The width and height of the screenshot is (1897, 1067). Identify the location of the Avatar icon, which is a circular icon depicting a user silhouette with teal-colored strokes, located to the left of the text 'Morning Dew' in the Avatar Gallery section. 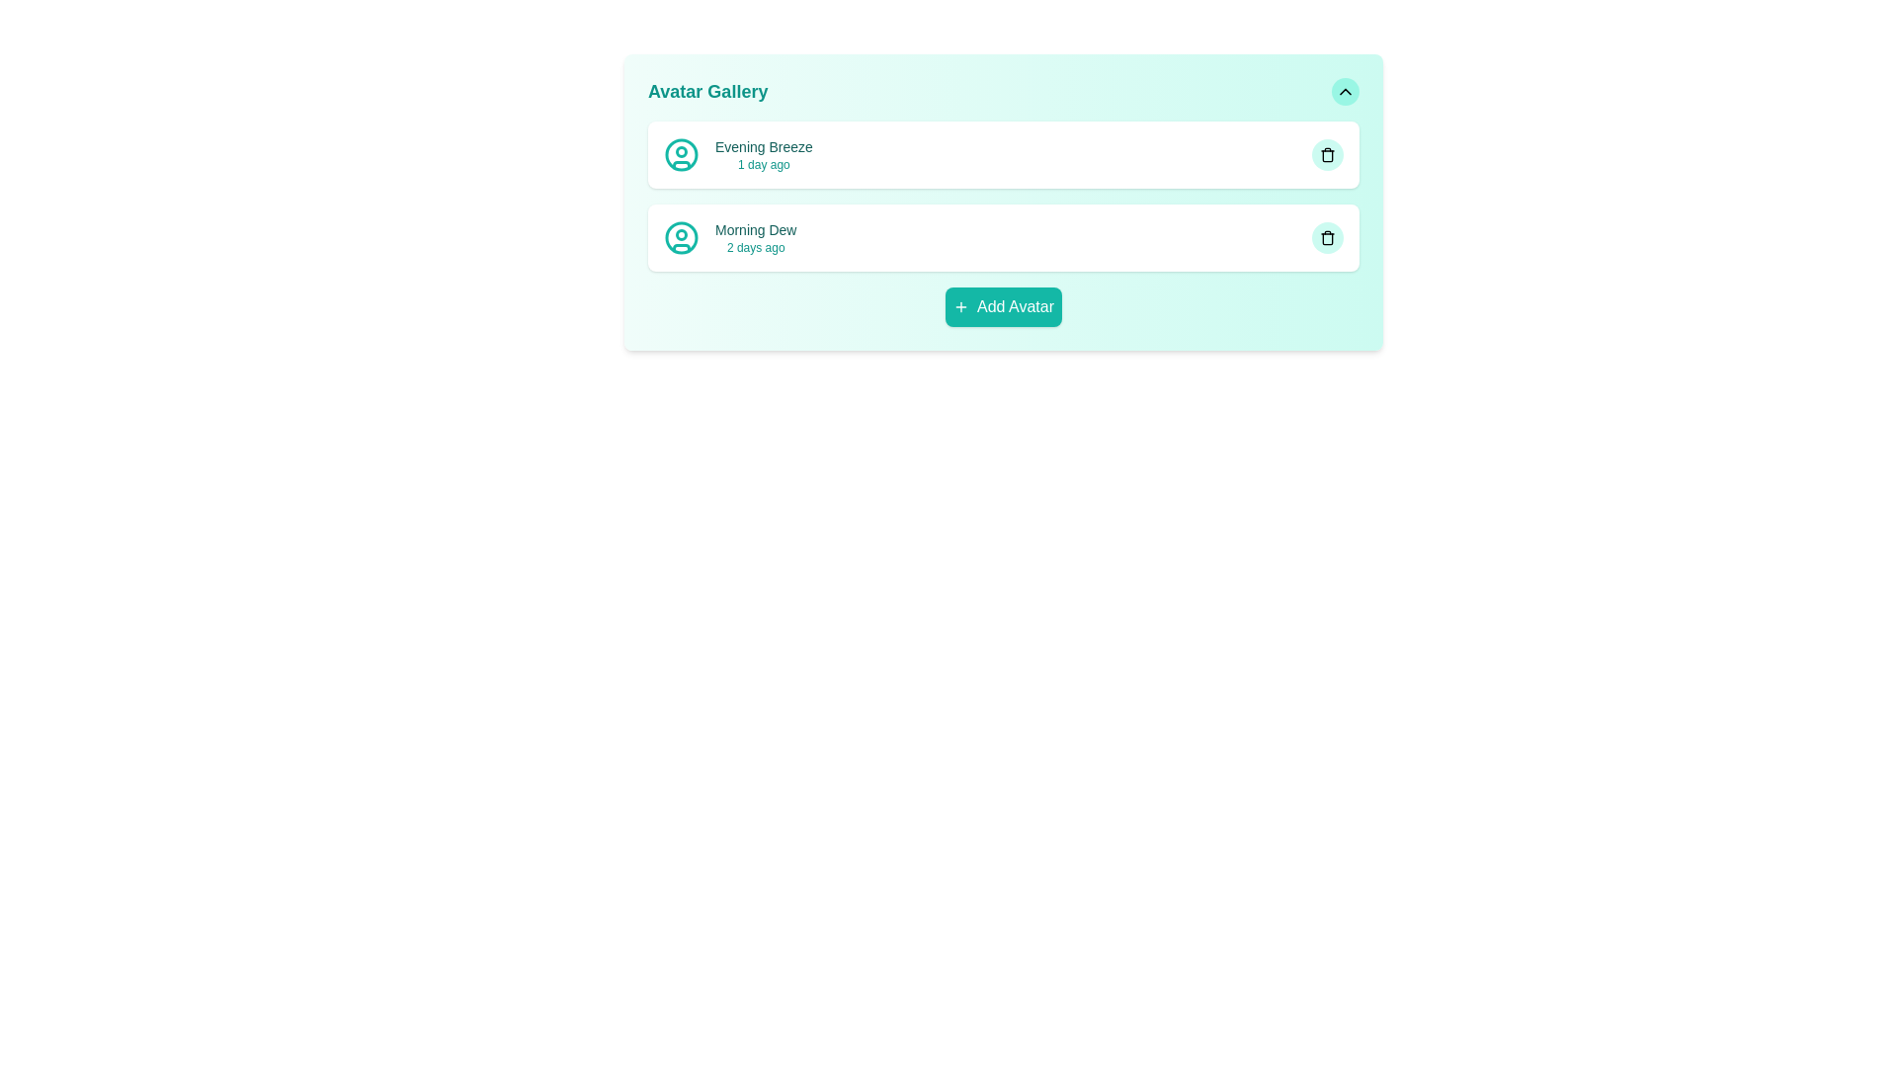
(682, 236).